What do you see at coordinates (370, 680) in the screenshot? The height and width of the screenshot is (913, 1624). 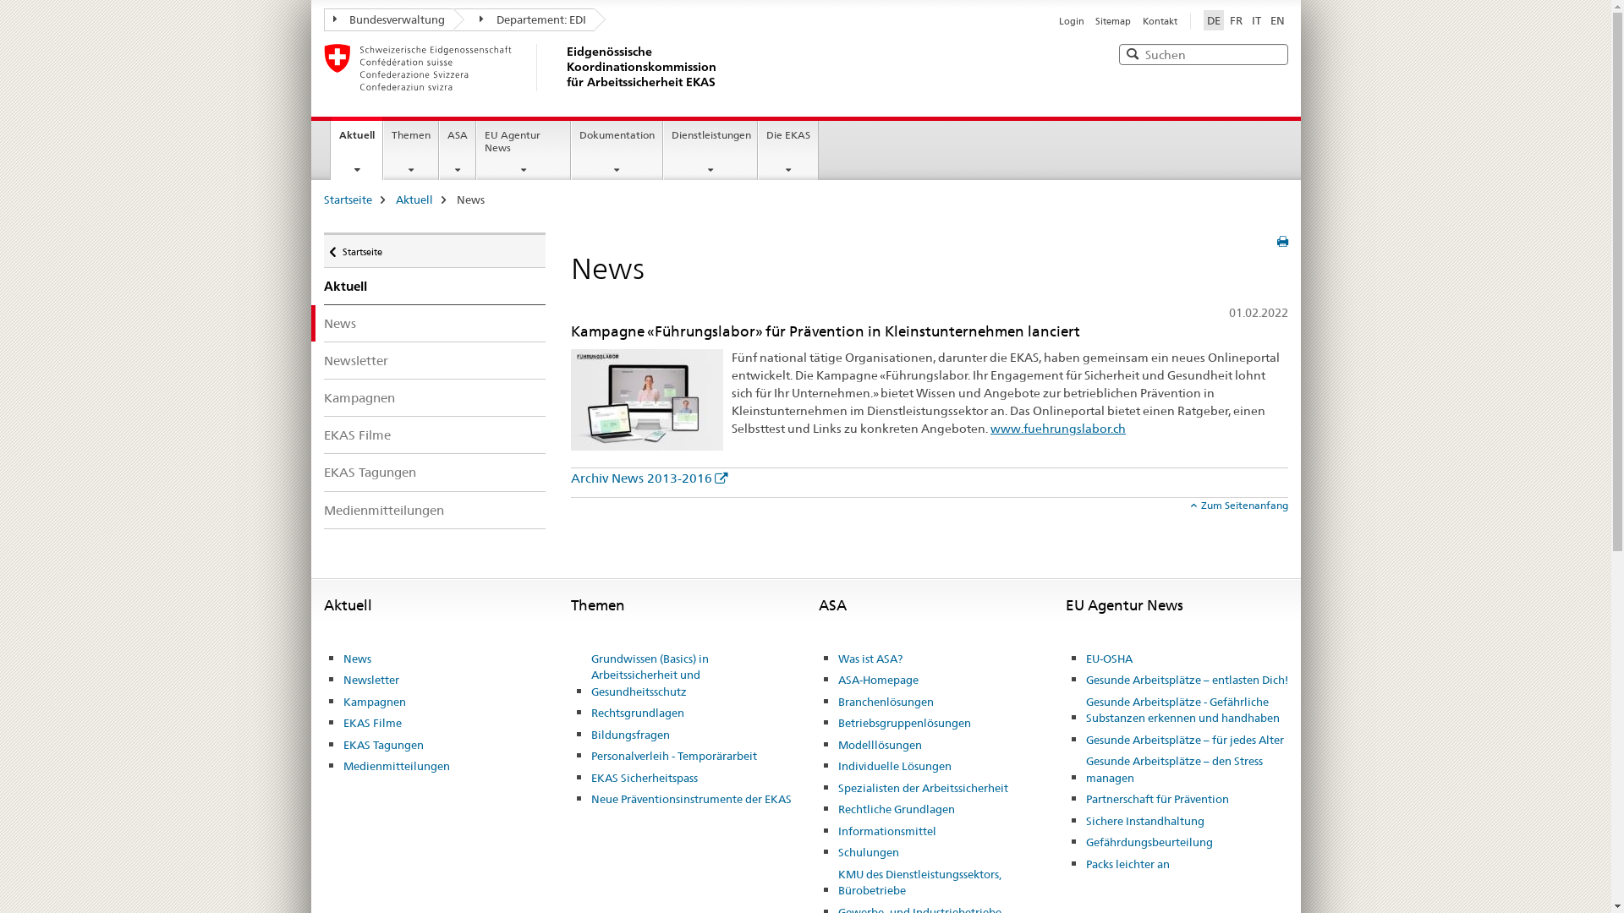 I see `'Newsletter'` at bounding box center [370, 680].